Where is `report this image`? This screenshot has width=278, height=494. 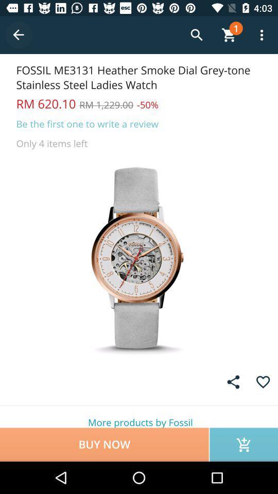 report this image is located at coordinates (233, 381).